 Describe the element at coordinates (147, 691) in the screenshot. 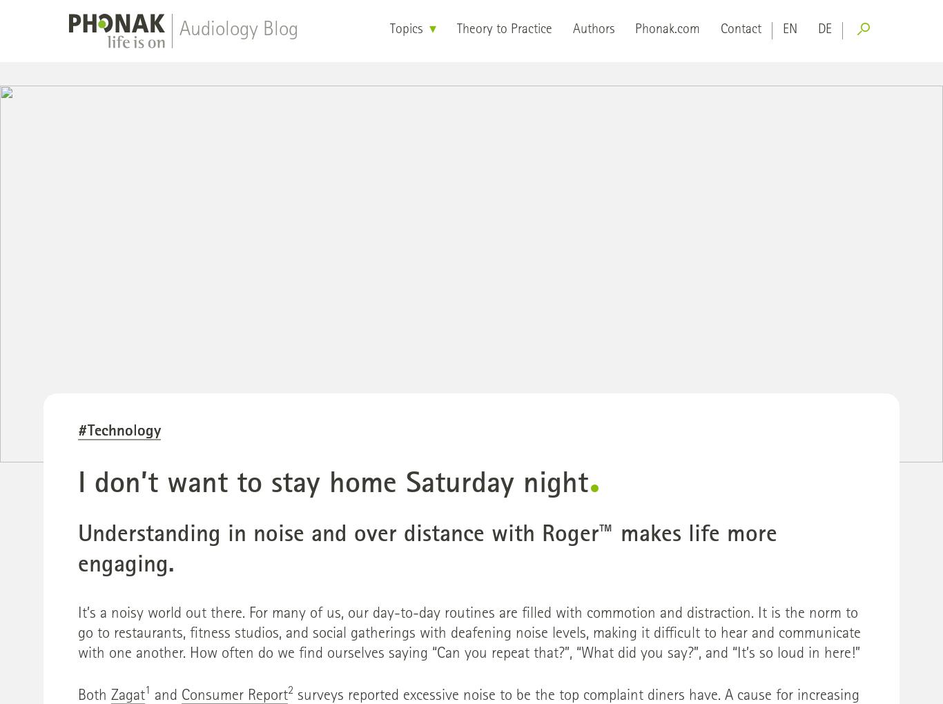

I see `'1'` at that location.